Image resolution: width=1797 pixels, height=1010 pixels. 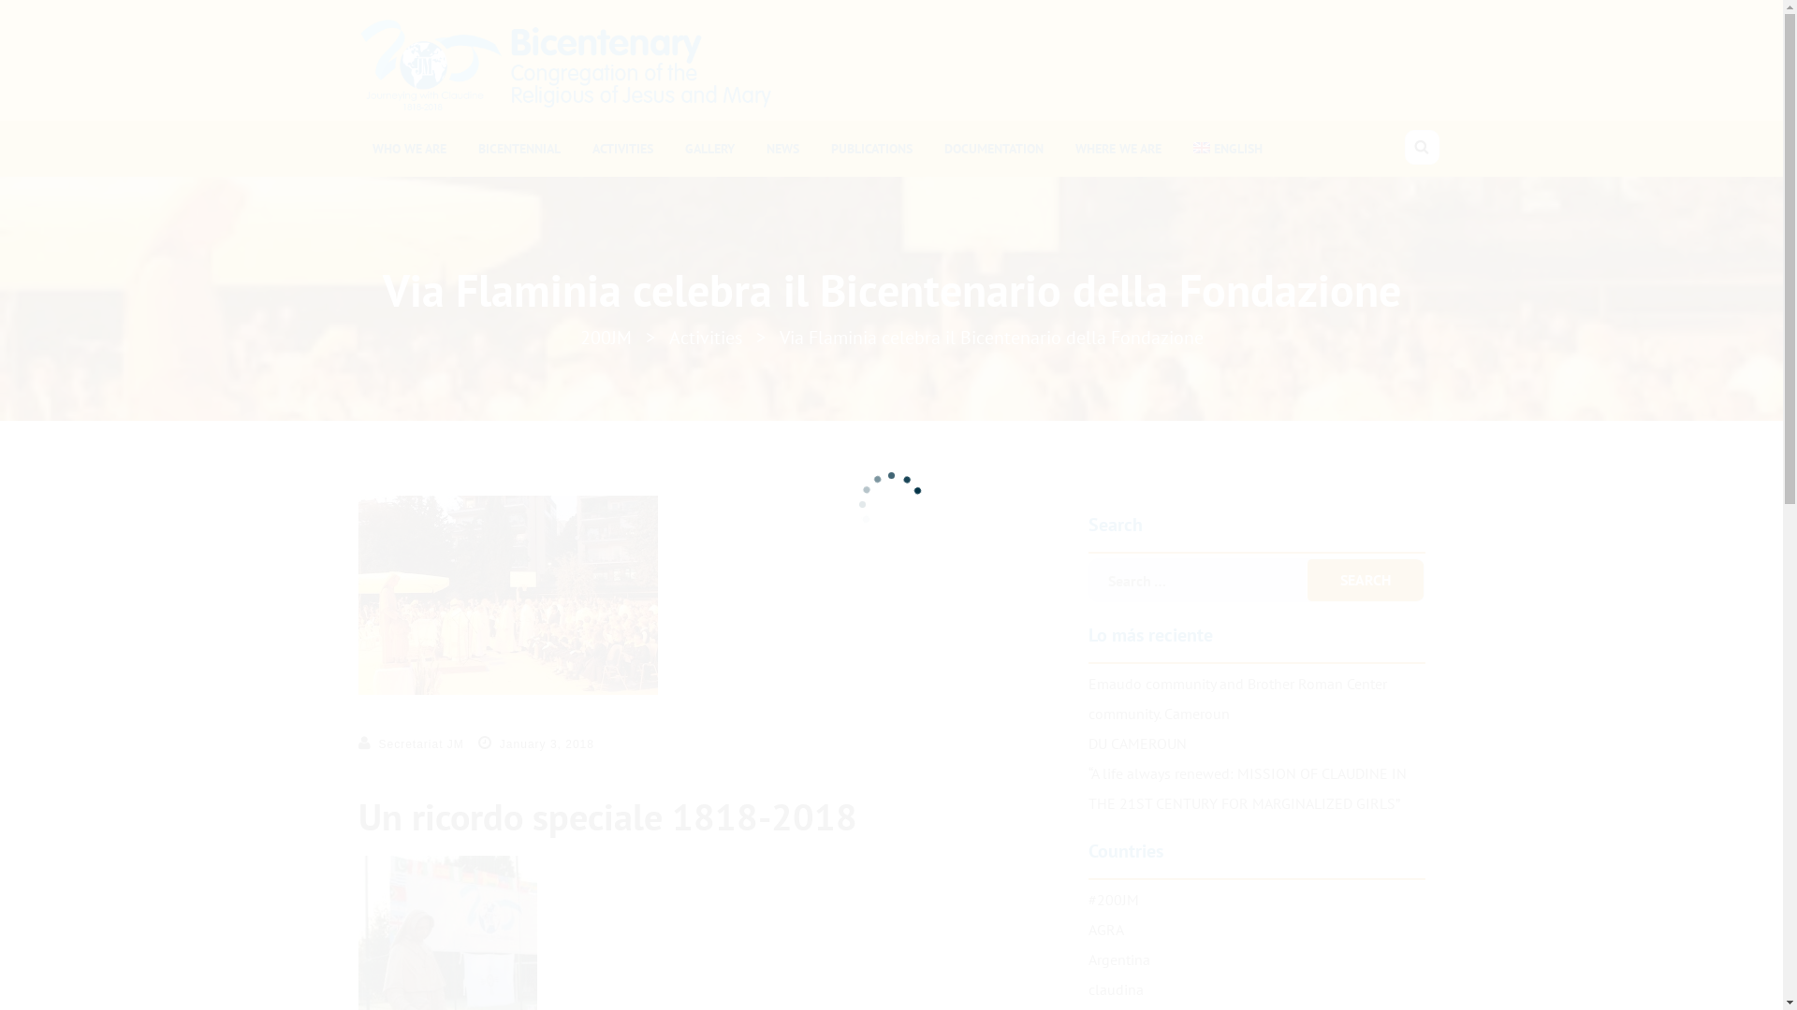 I want to click on 'GALLERY', so click(x=708, y=147).